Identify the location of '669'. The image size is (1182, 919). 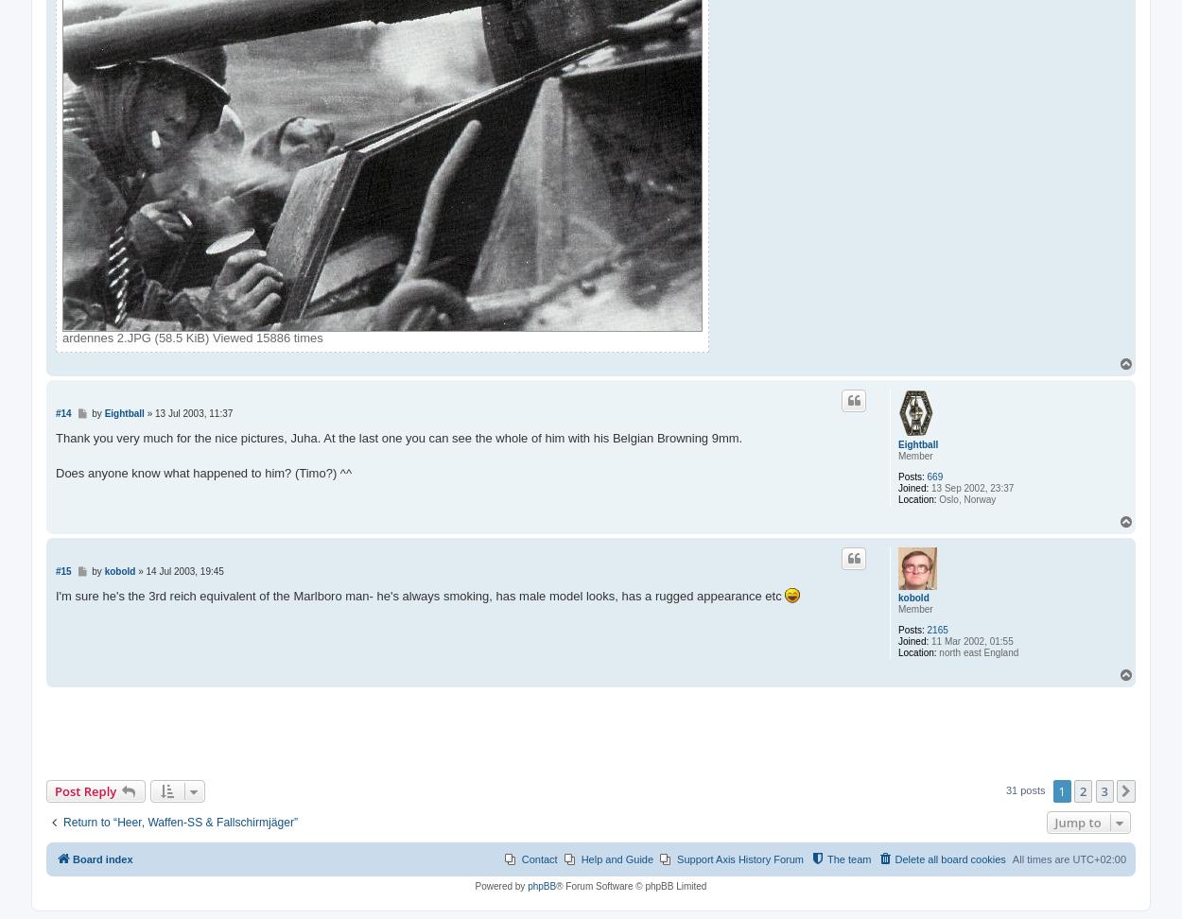
(933, 477).